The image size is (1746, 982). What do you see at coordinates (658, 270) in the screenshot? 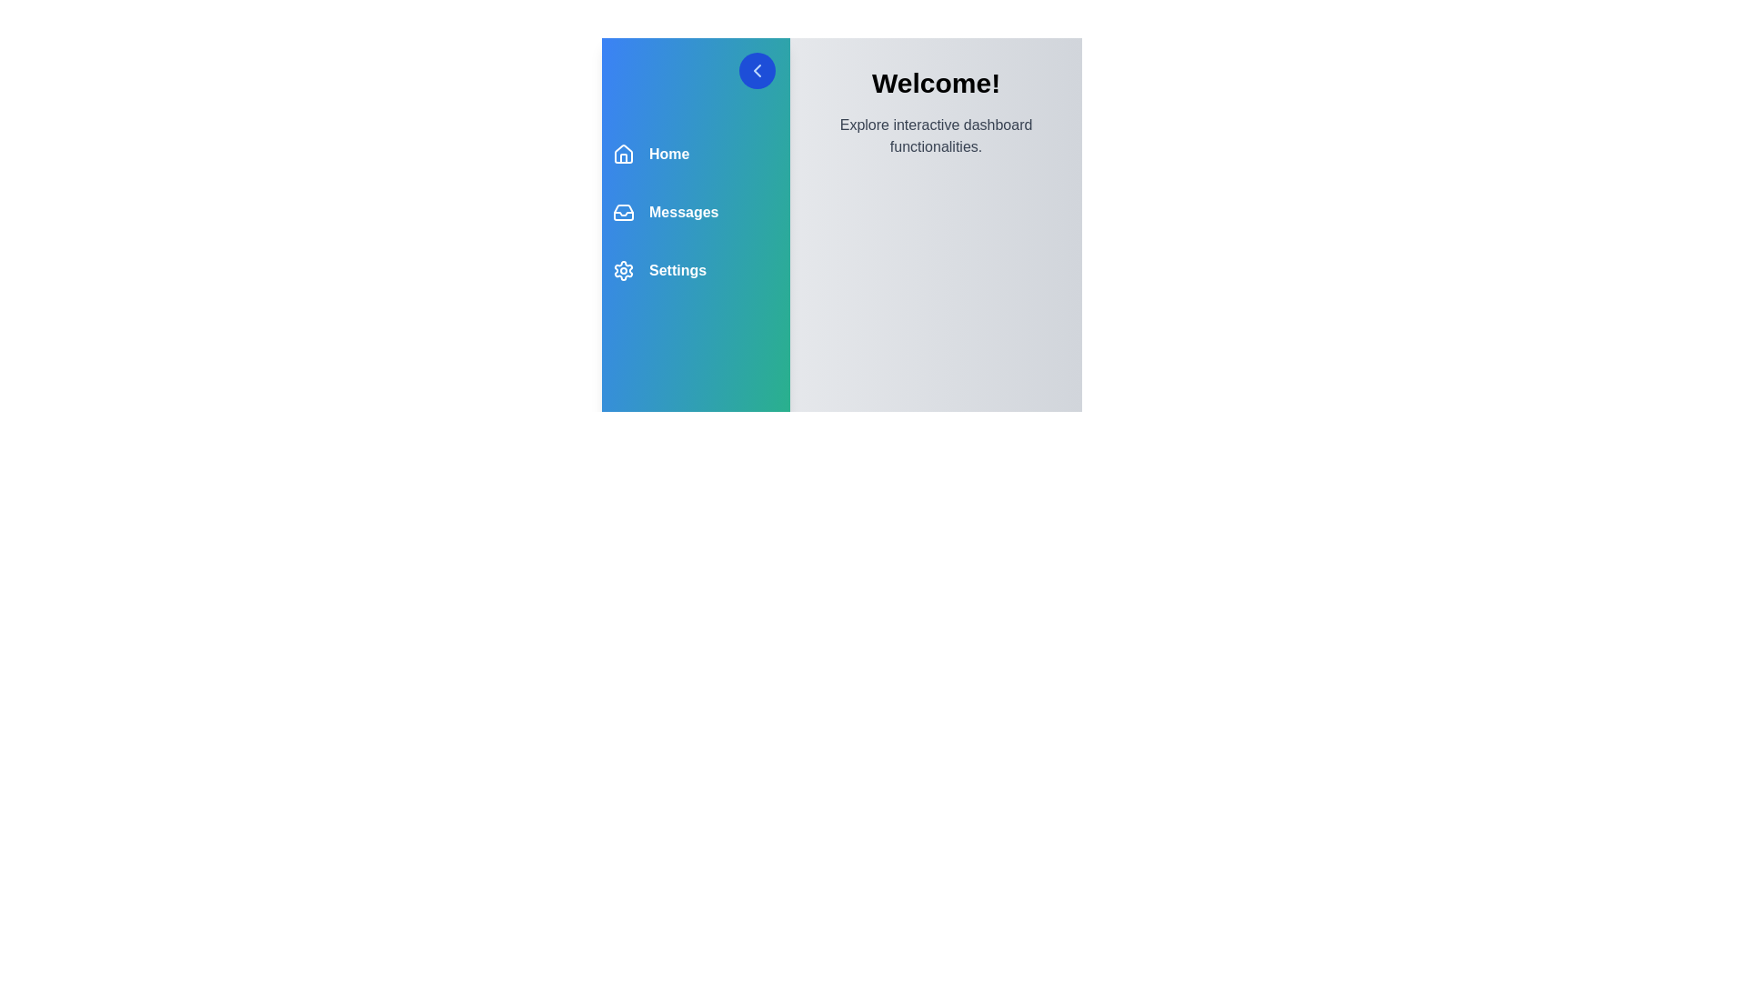
I see `the 'Settings' button located in the left sidebar` at bounding box center [658, 270].